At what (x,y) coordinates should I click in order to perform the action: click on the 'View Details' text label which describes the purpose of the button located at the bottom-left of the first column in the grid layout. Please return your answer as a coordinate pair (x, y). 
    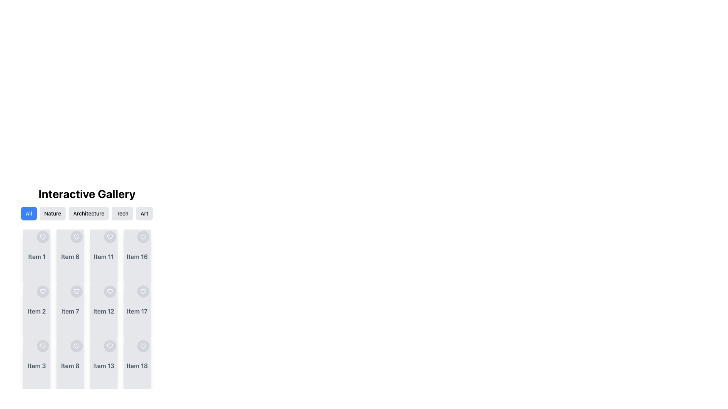
    Looking at the image, I should click on (40, 256).